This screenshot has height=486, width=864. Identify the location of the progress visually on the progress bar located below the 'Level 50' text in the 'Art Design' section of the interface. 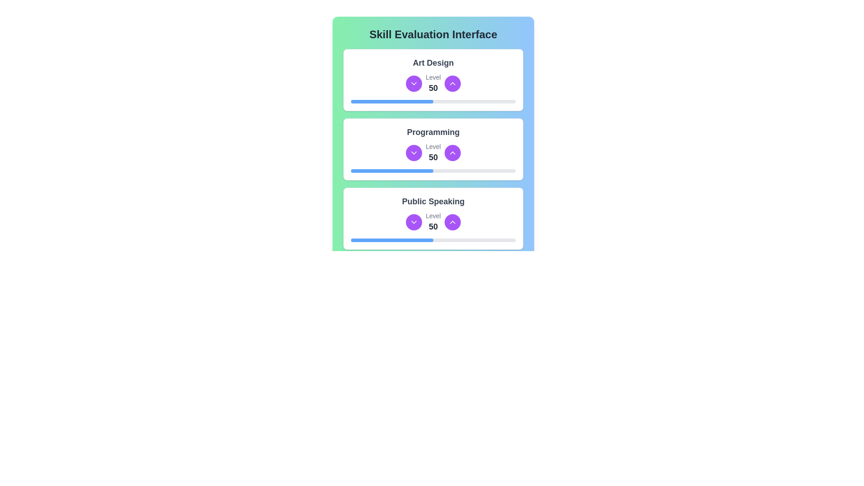
(433, 101).